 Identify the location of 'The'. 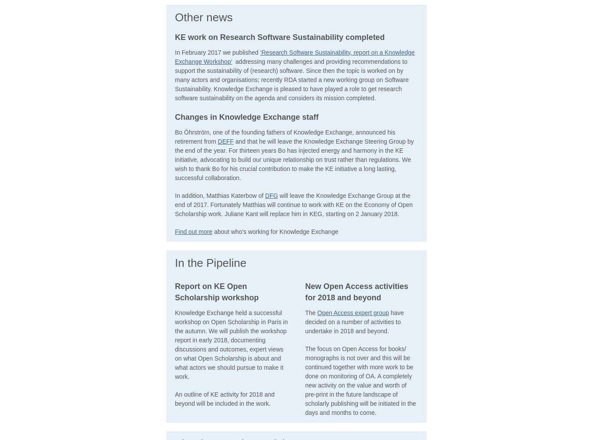
(311, 312).